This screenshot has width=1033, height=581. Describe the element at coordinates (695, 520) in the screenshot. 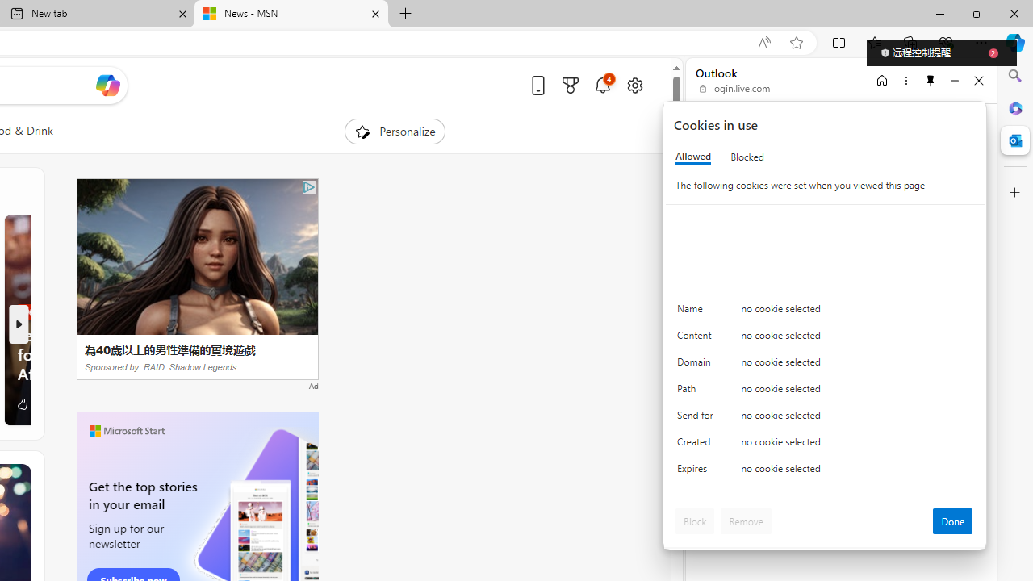

I see `'Block'` at that location.